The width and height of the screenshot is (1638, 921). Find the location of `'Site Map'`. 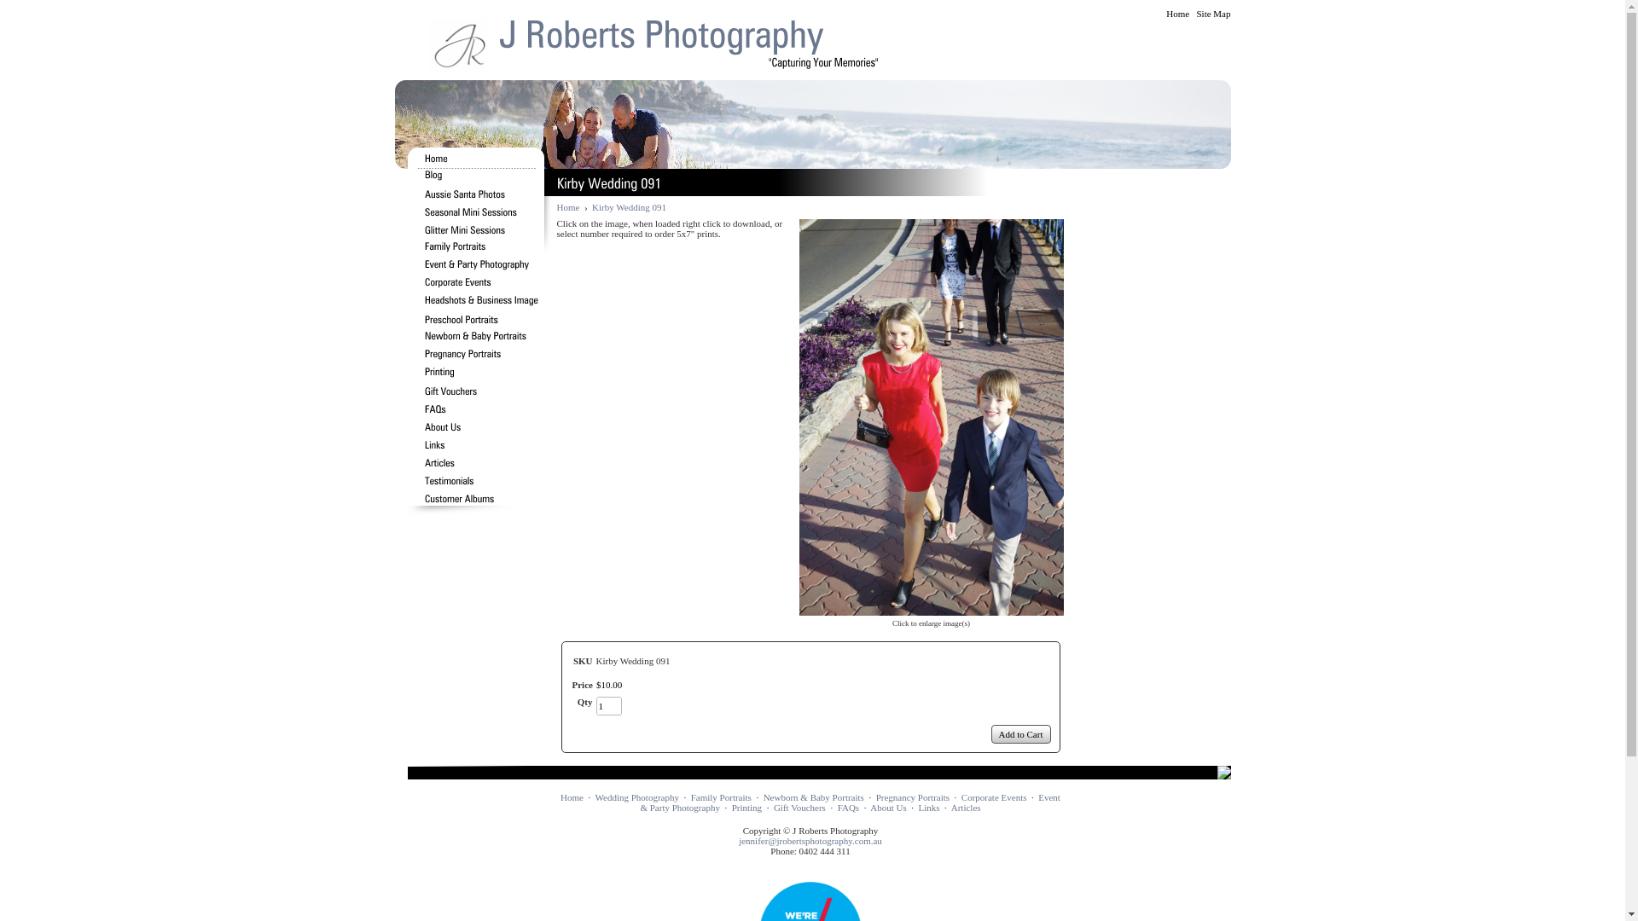

'Site Map' is located at coordinates (1211, 13).